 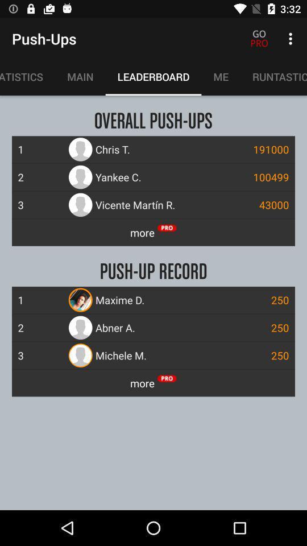 I want to click on the item to the right of leaderboard, so click(x=221, y=76).